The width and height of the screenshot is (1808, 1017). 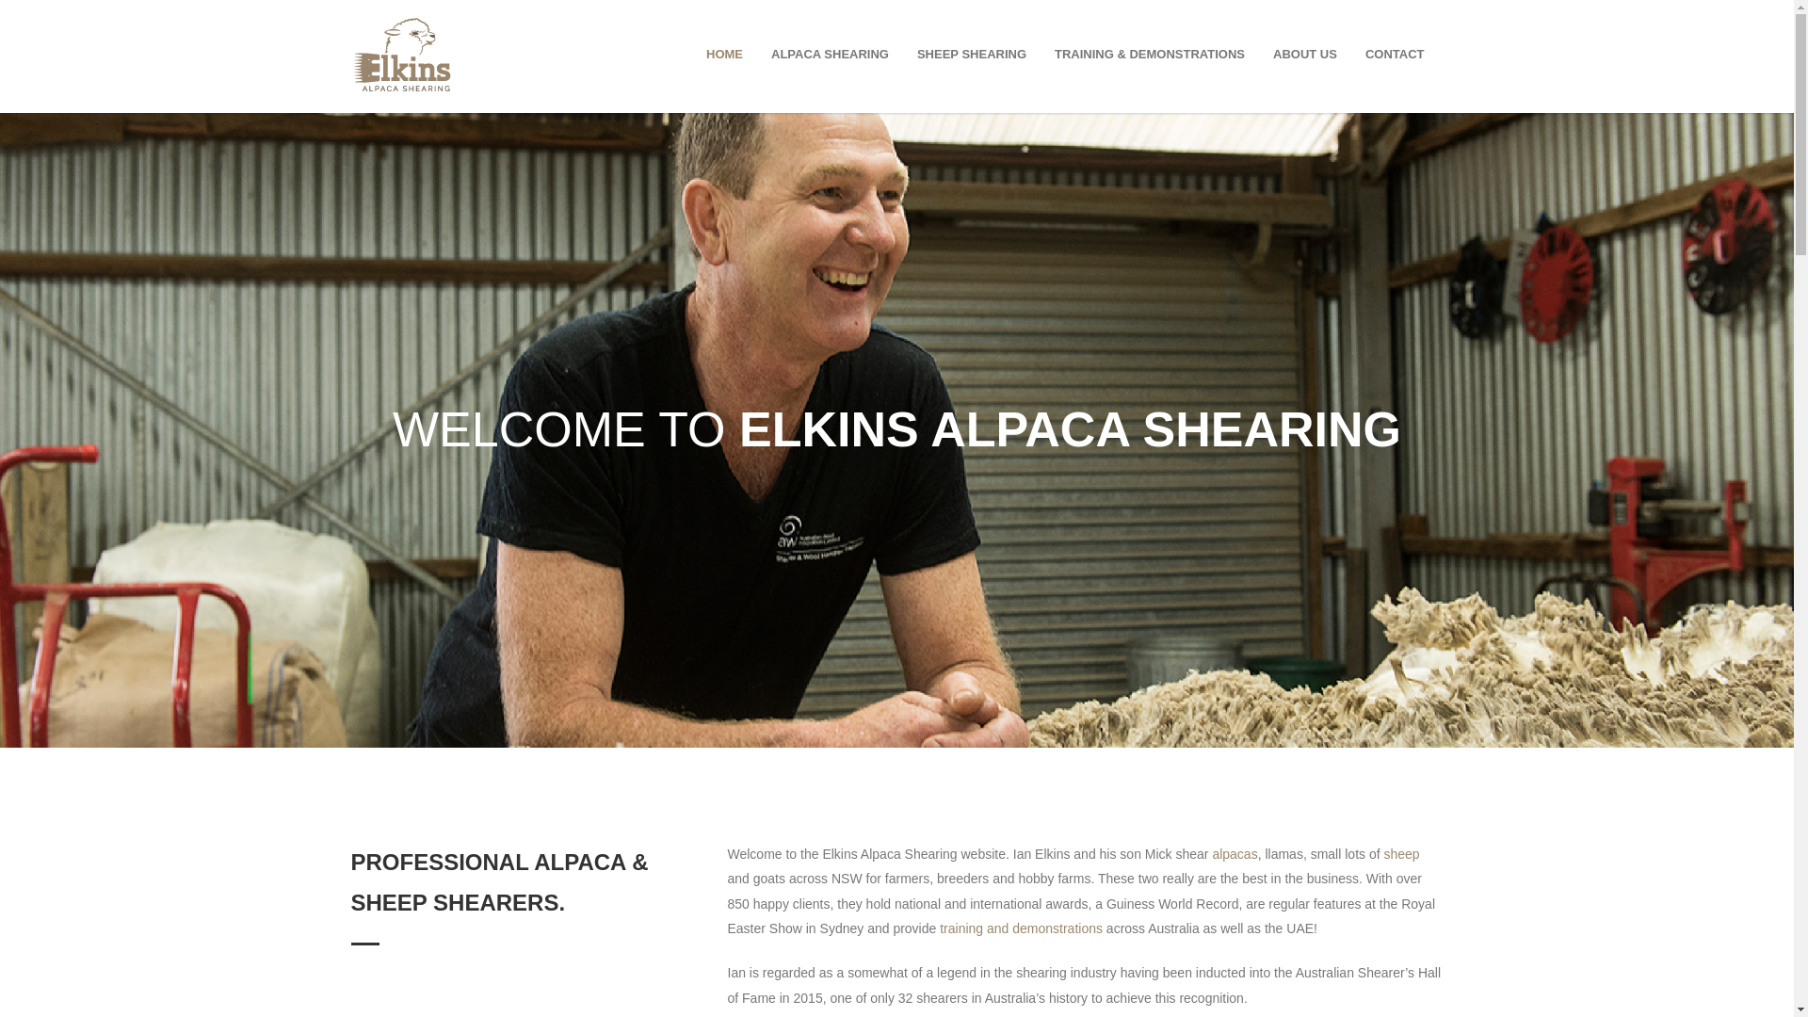 I want to click on 'SHEEP SHEARING', so click(x=972, y=53).